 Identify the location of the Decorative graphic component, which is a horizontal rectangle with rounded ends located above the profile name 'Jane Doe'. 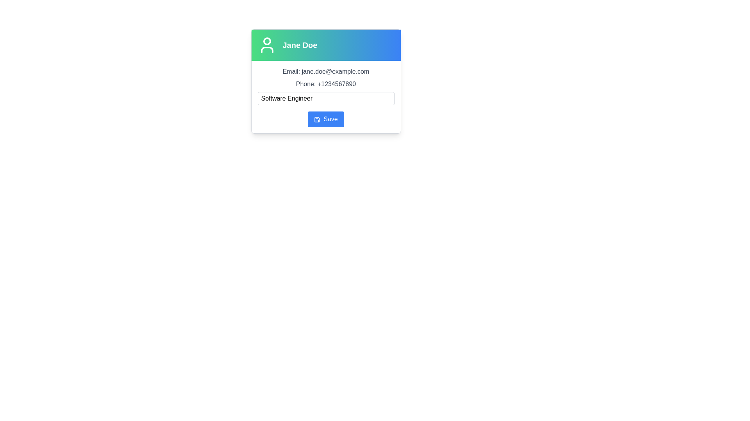
(267, 50).